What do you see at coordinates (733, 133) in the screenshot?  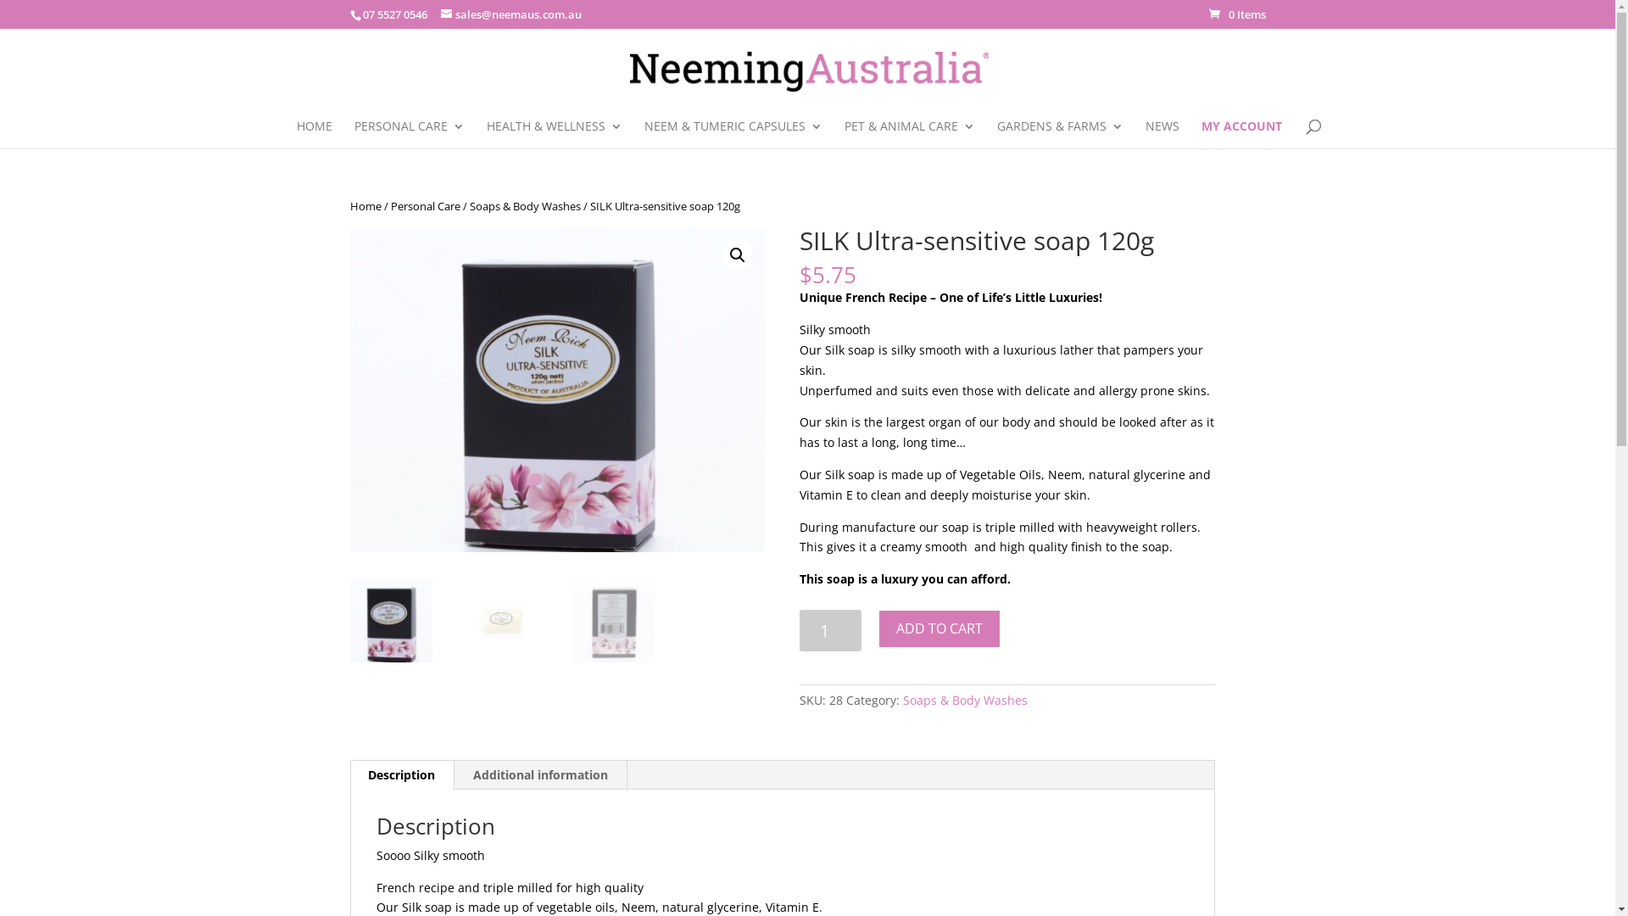 I see `'NEEM & TUMERIC CAPSULES'` at bounding box center [733, 133].